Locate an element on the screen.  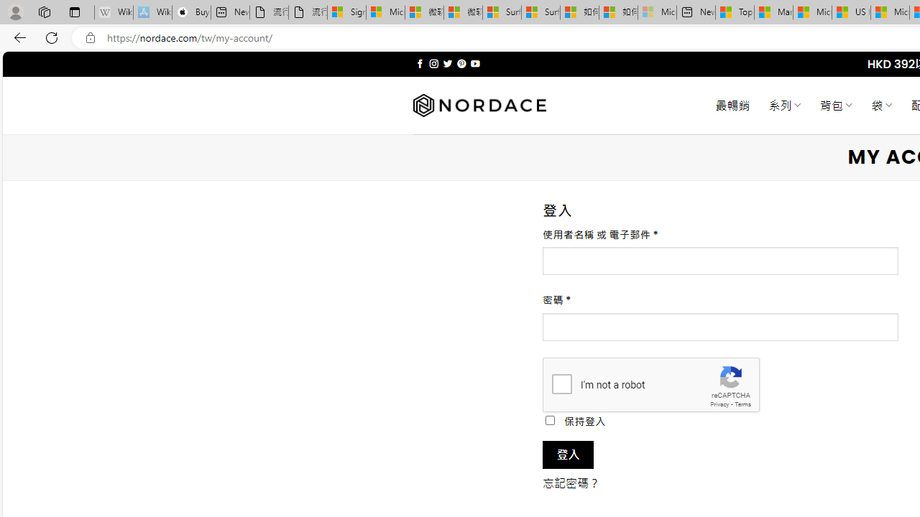
'Follow on YouTube' is located at coordinates (475, 63).